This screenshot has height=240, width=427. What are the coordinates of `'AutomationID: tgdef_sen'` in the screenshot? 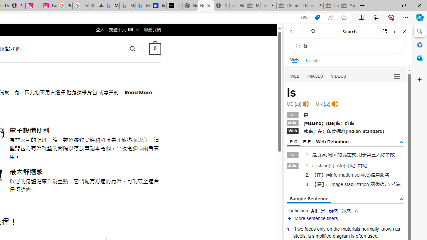 It's located at (401, 199).